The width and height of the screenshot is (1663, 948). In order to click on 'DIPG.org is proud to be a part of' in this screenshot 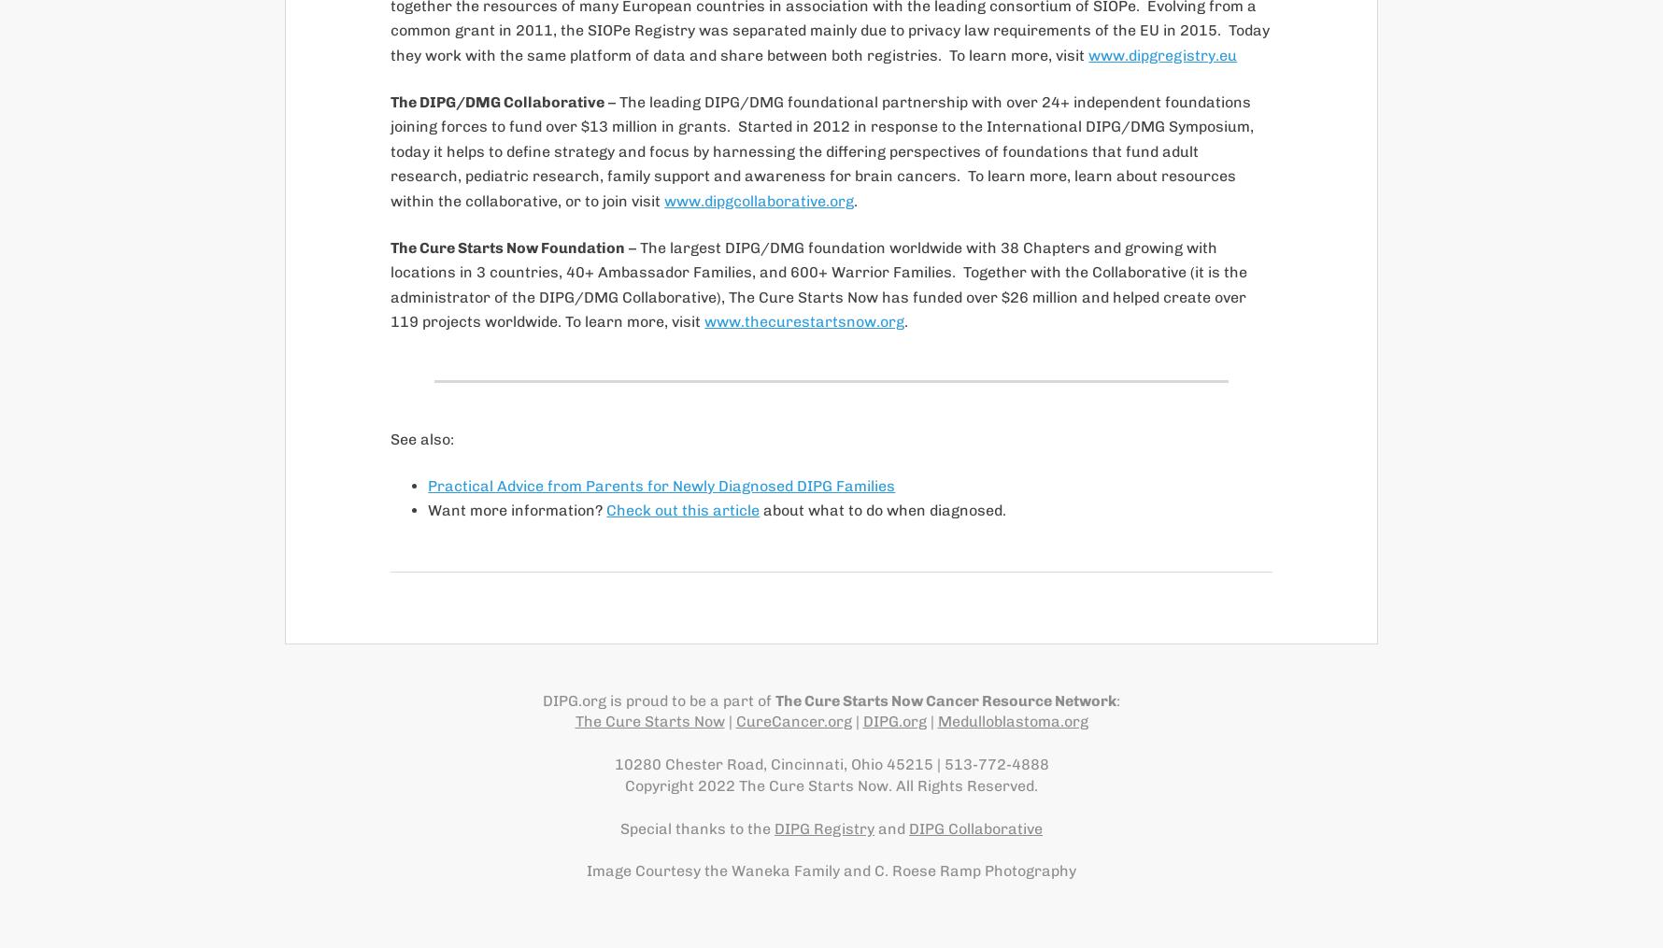, I will do `click(658, 699)`.